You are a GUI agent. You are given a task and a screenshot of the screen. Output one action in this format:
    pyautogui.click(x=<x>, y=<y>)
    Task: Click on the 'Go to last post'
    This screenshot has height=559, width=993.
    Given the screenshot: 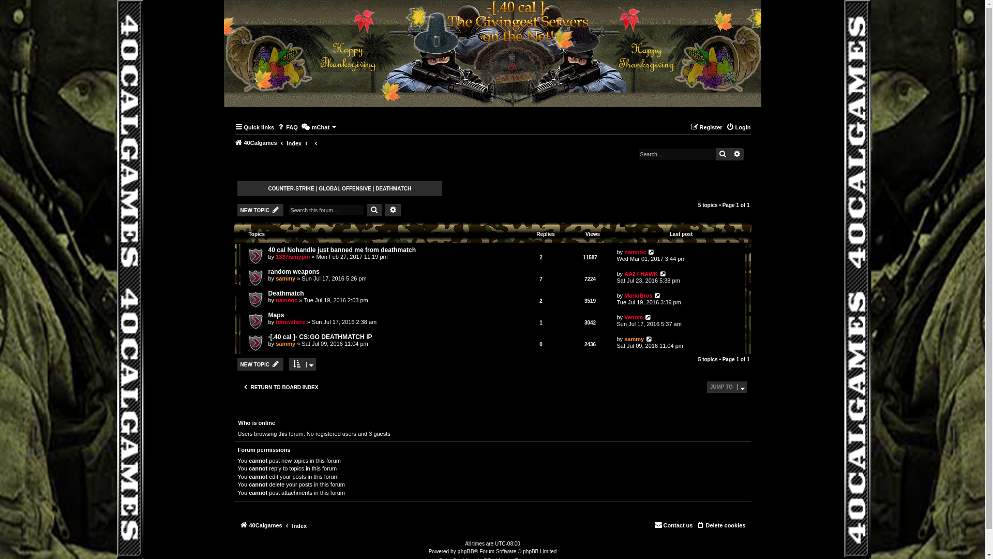 What is the action you would take?
    pyautogui.click(x=654, y=296)
    